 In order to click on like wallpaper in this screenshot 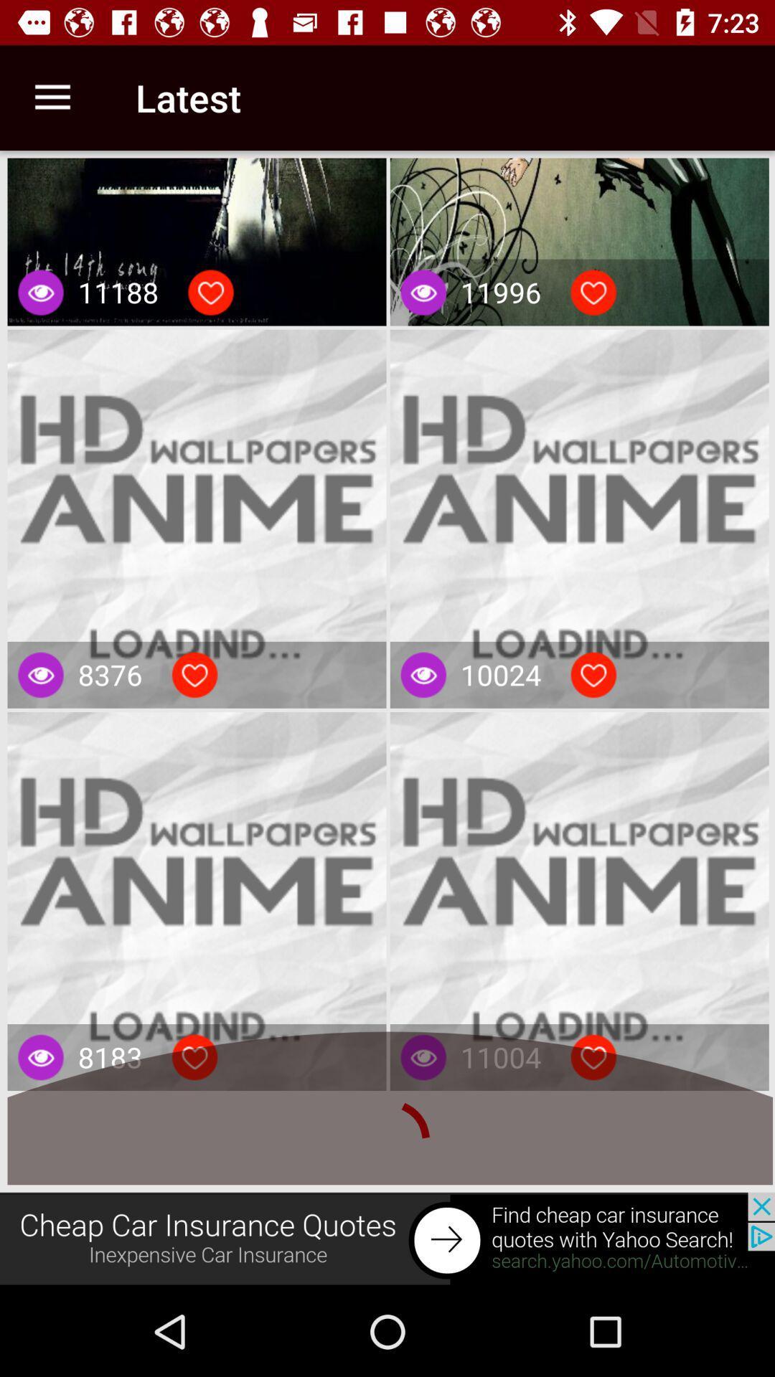, I will do `click(194, 1057)`.